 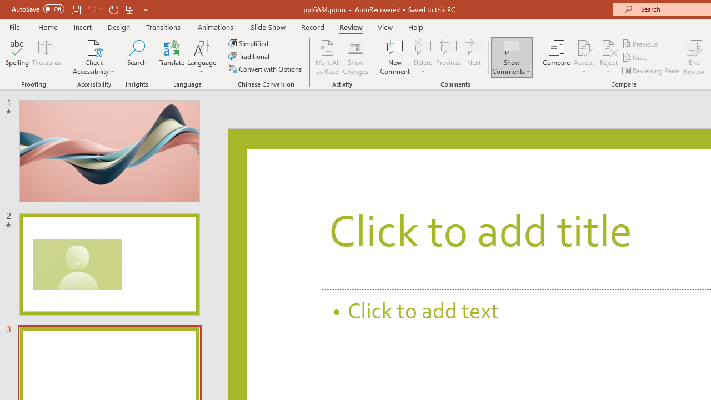 What do you see at coordinates (355, 57) in the screenshot?
I see `'Show Changes'` at bounding box center [355, 57].